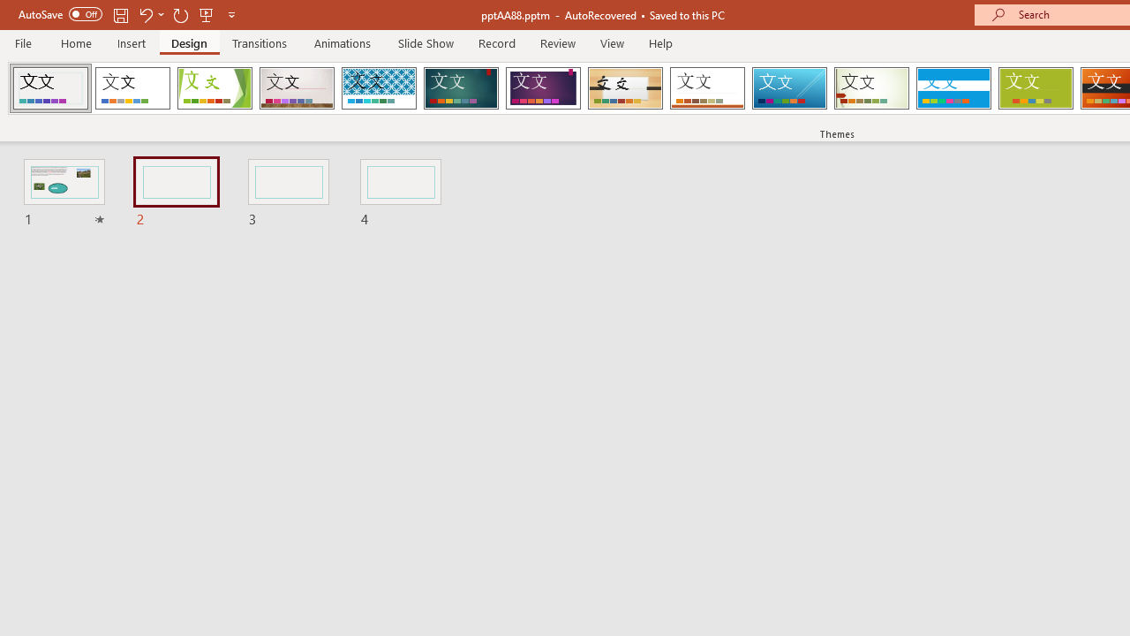 The width and height of the screenshot is (1130, 636). Describe the element at coordinates (788, 88) in the screenshot. I see `'Slice Loading Preview...'` at that location.